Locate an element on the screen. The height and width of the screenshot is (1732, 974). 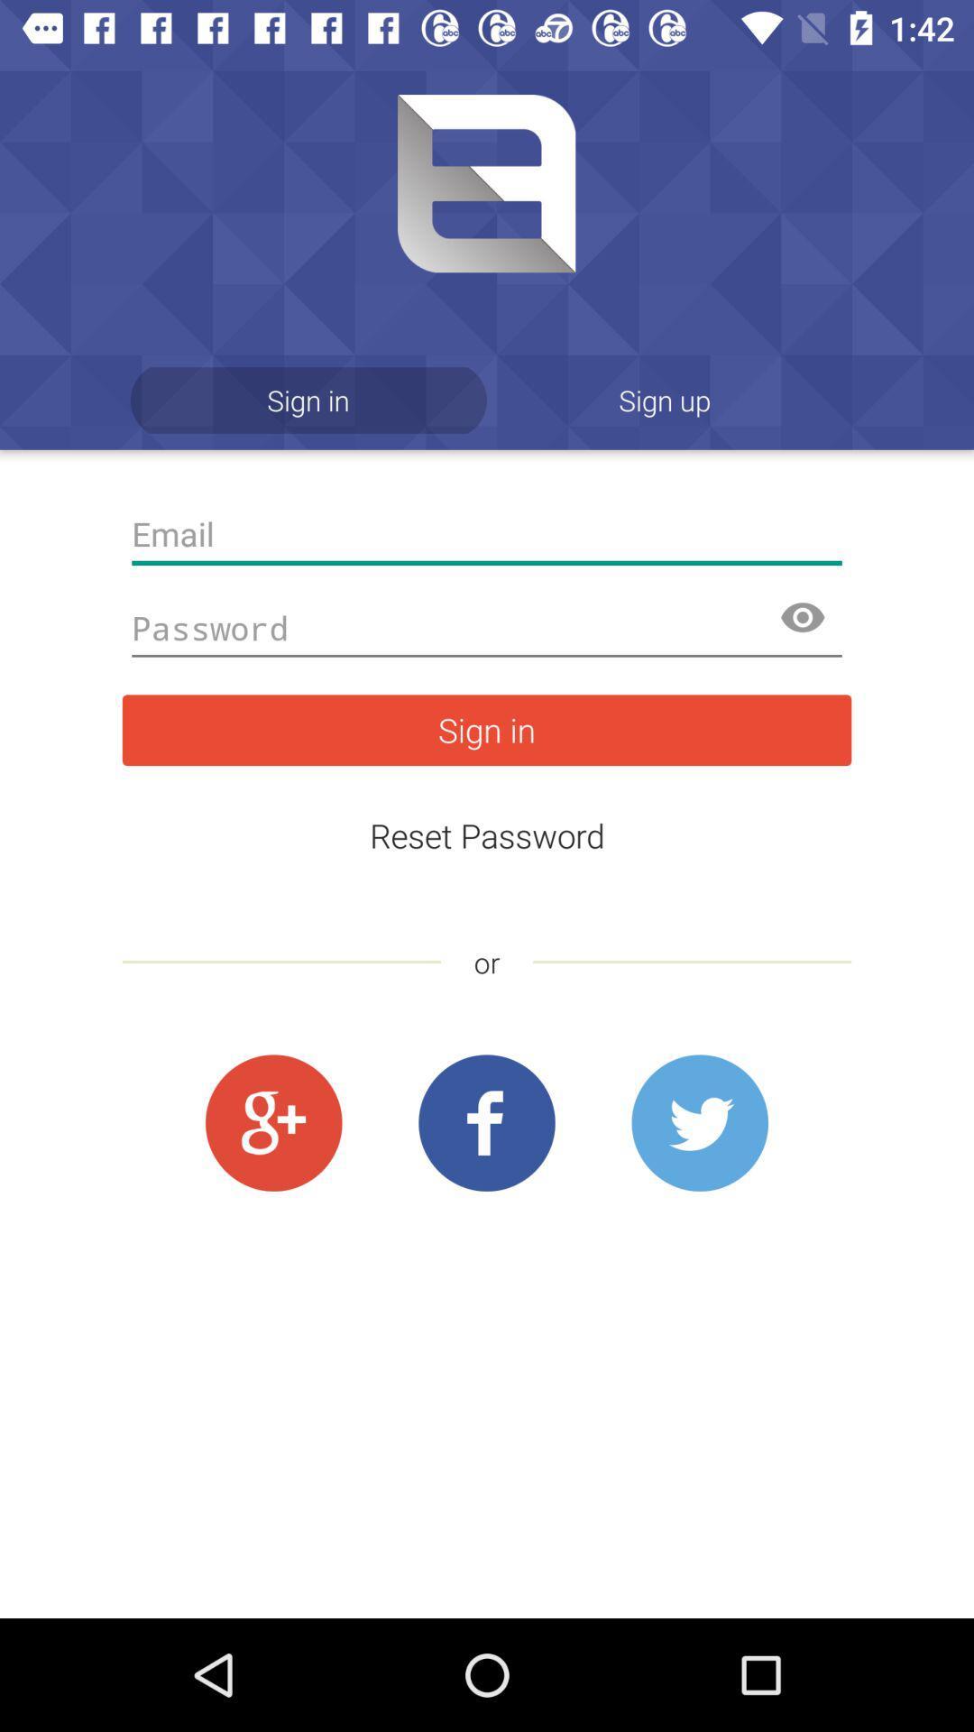
email address is located at coordinates (487, 533).